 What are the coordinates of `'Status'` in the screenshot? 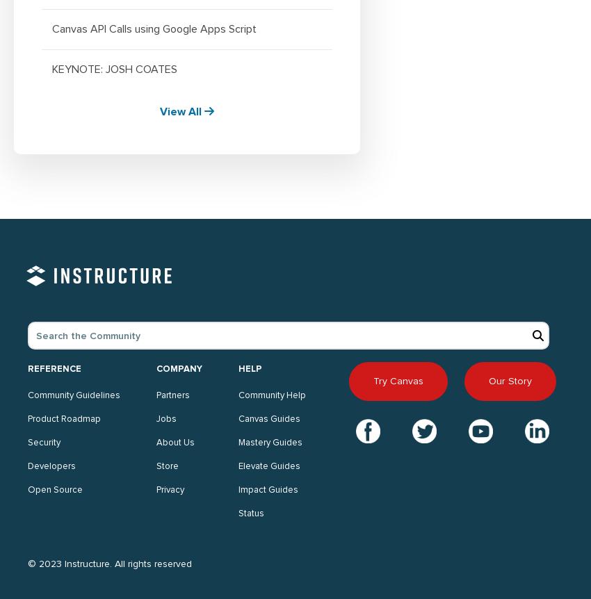 It's located at (250, 514).